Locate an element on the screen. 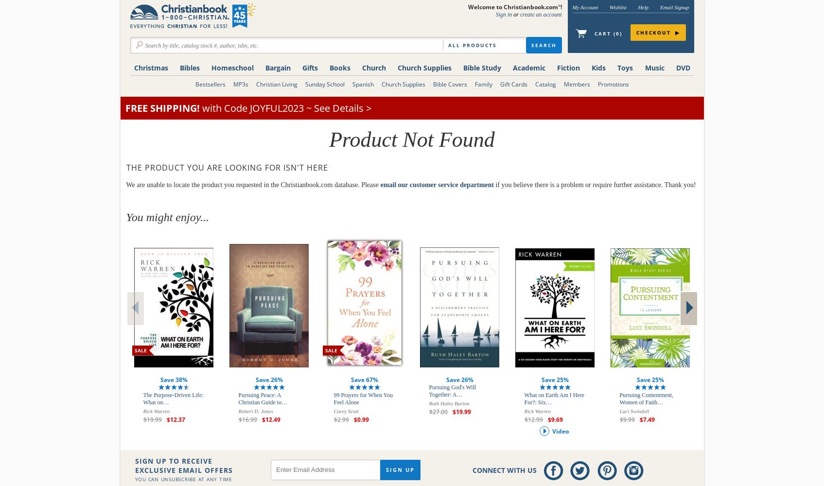 The width and height of the screenshot is (824, 486). 'You might enjoy...' is located at coordinates (166, 216).